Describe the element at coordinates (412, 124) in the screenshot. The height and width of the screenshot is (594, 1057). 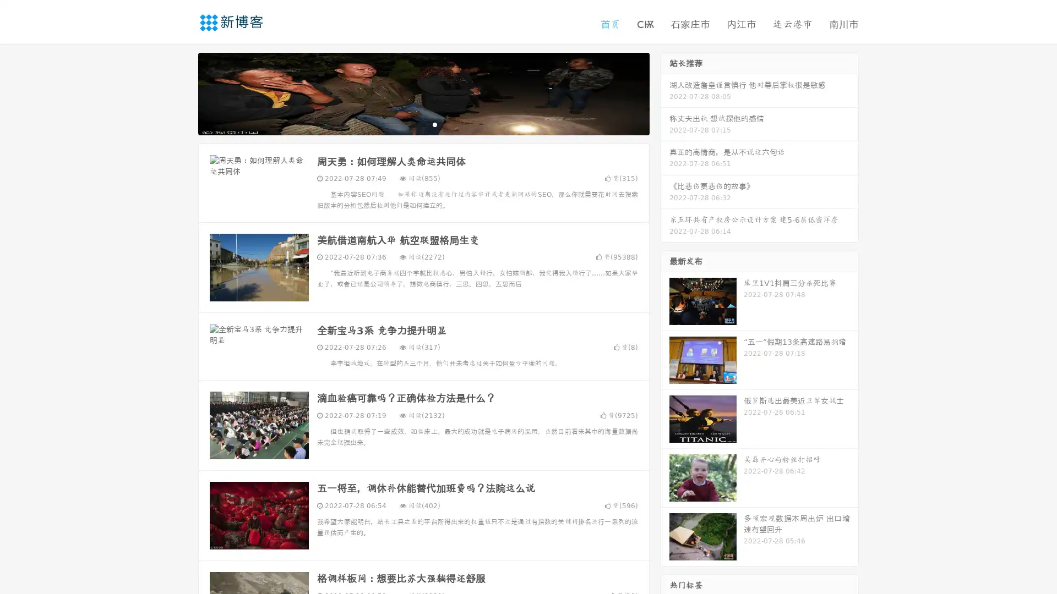
I see `Go to slide 1` at that location.